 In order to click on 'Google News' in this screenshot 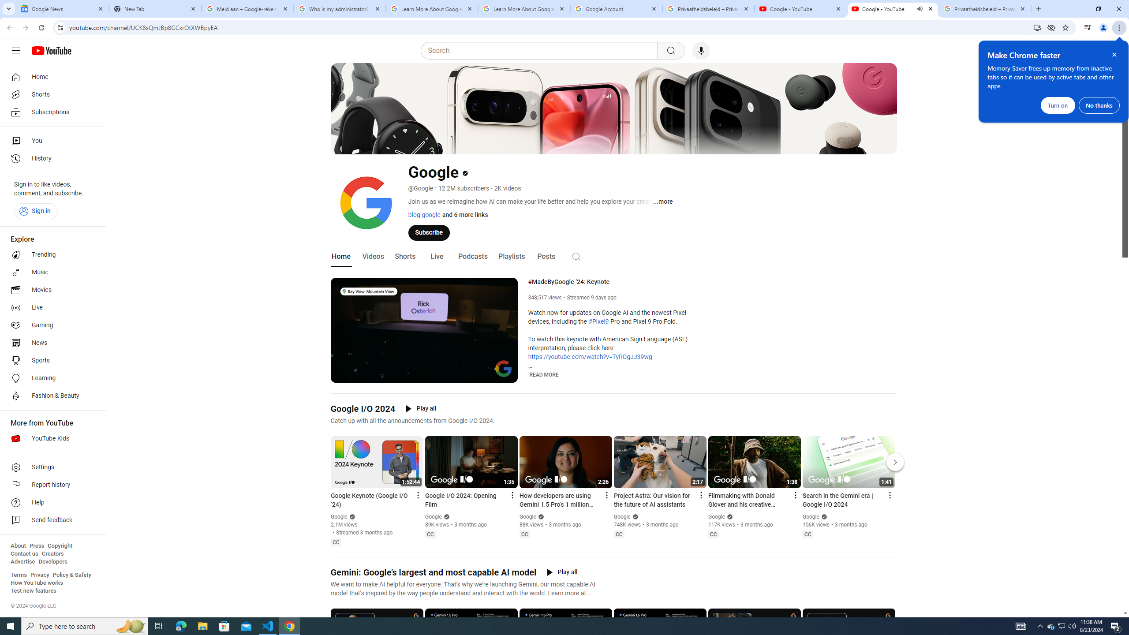, I will do `click(63, 8)`.